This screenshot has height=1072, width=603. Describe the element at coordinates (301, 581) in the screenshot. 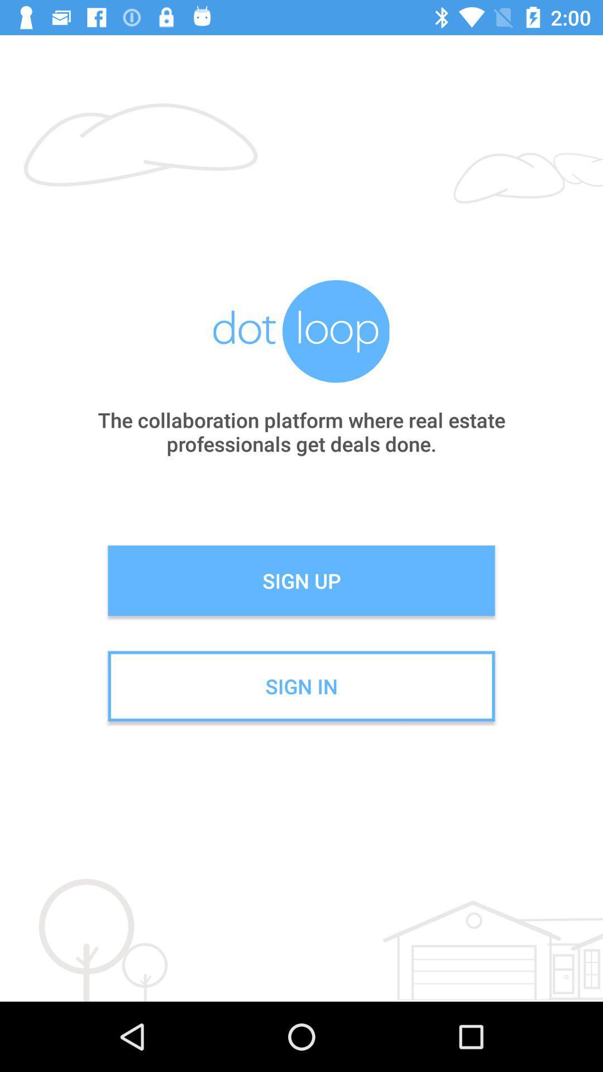

I see `icon above the sign in item` at that location.